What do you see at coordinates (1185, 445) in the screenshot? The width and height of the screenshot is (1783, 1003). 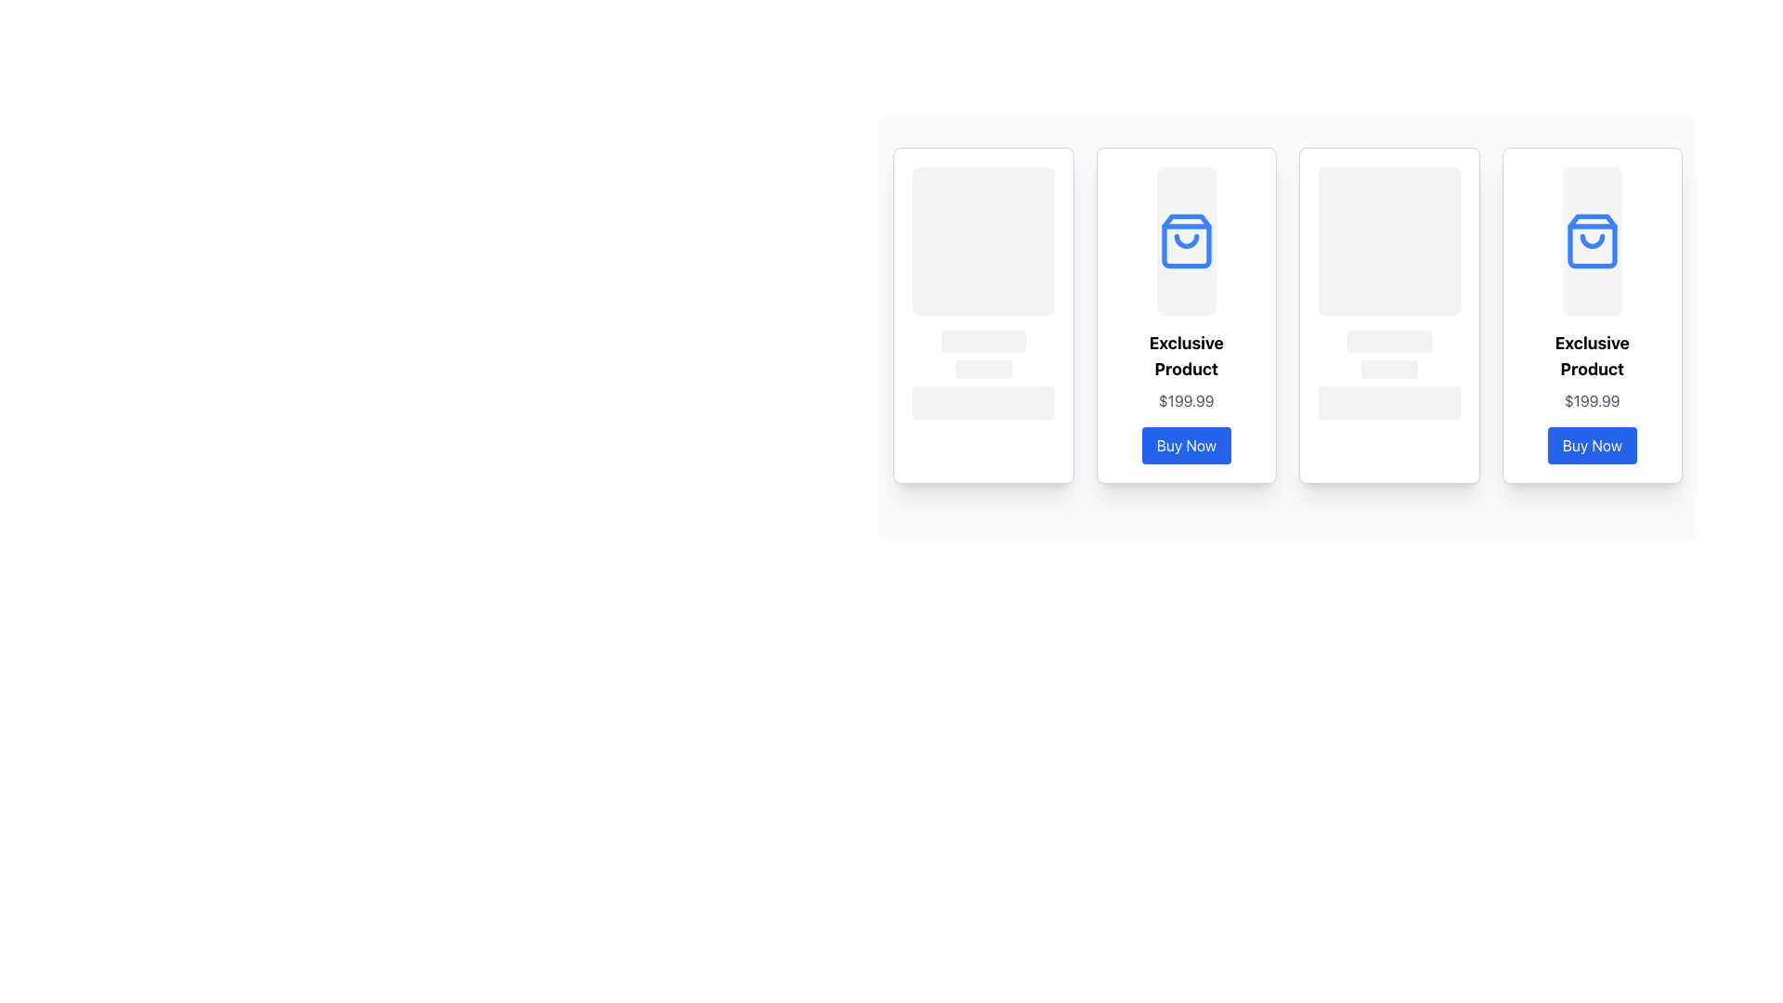 I see `the call-to-action button located at the bottom of the product card, directly below the price '$199.99'` at bounding box center [1185, 445].